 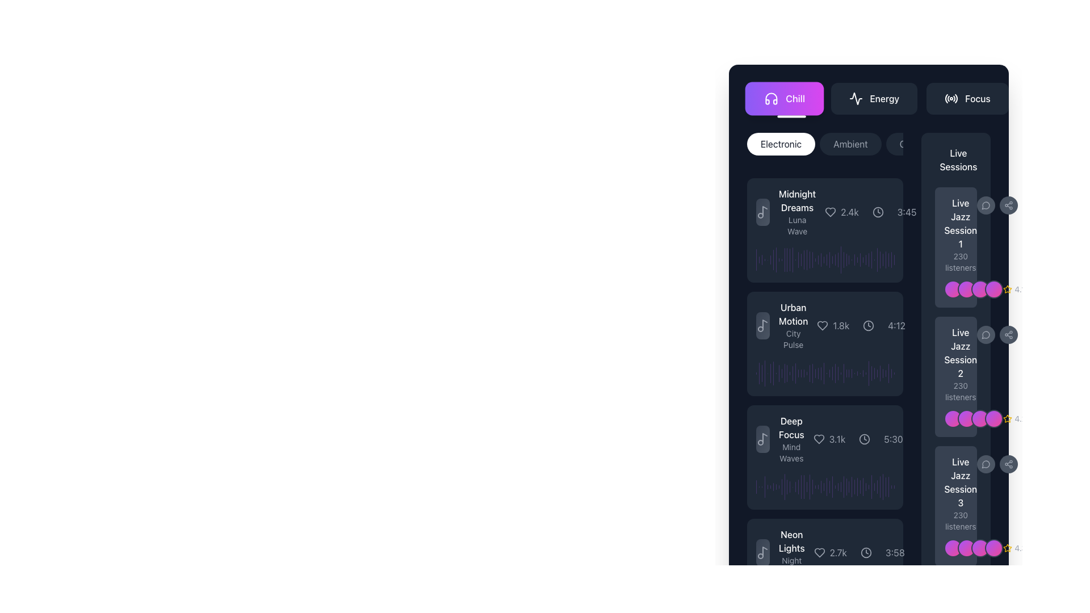 I want to click on the speech bubble icon located in the bottom right corner of the 'Live Jazz Session 3' card, which is part of the interactive icons for user engagement, so click(x=997, y=464).